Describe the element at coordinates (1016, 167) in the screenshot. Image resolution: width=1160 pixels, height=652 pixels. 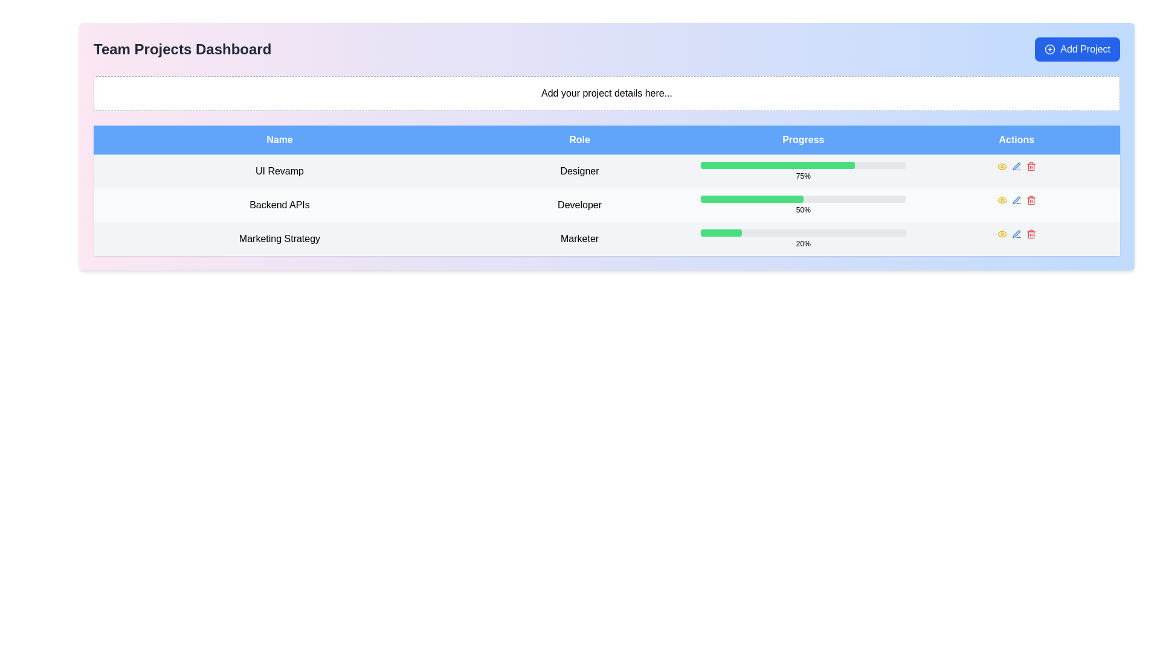
I see `the blue pen icon located` at that location.